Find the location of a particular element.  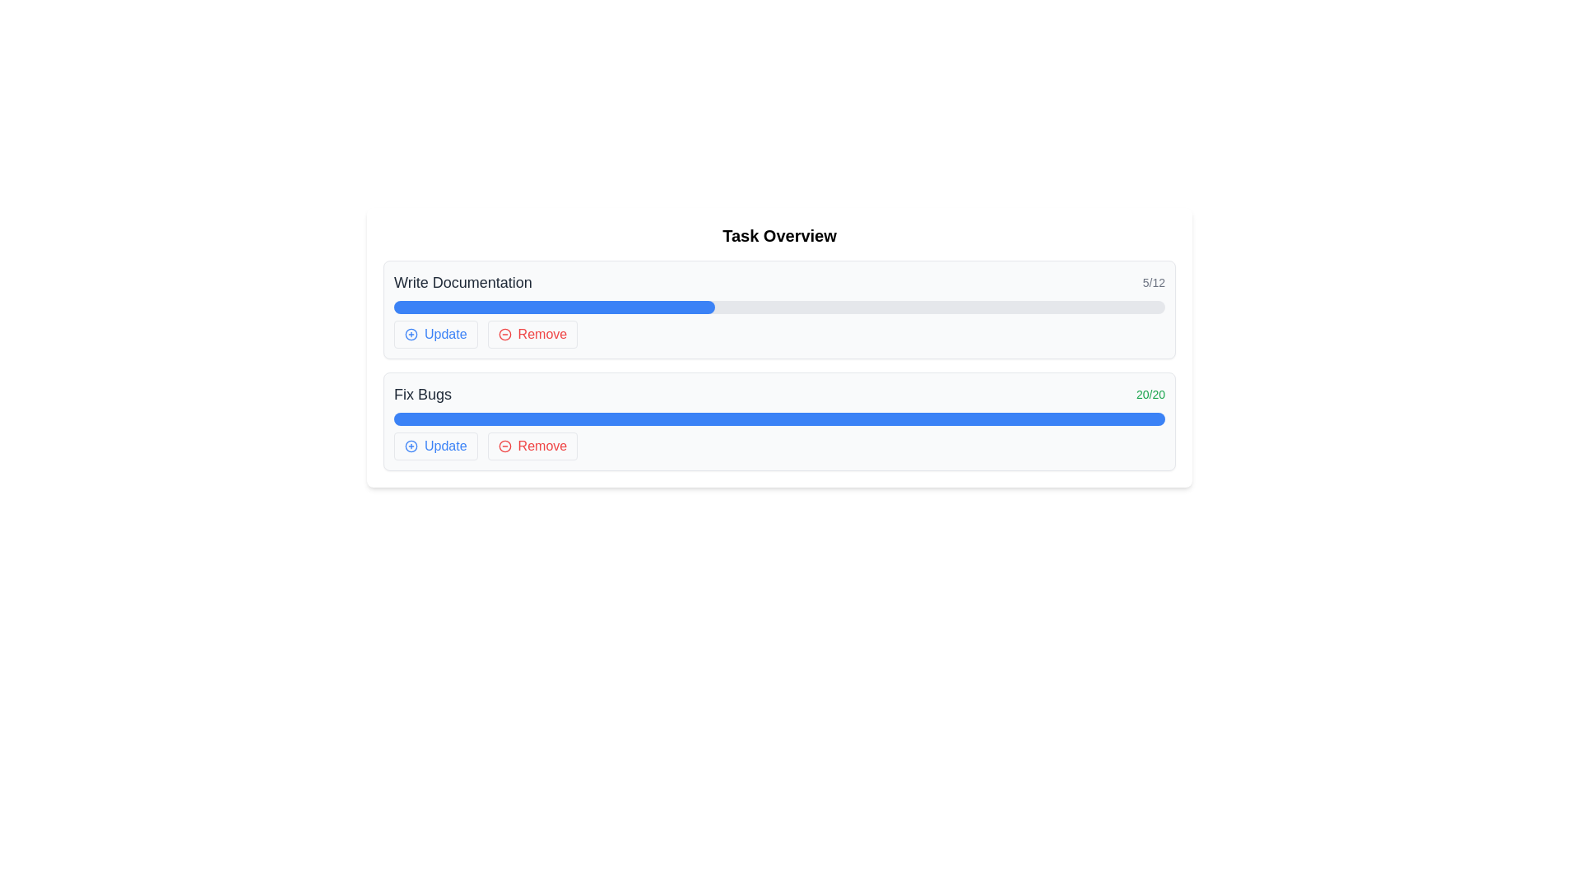

the small red circular icon with a minus sign, which is the leftmost part of the 'Remove' button adjacent to the 'Fix Bugs' section is located at coordinates (504, 446).